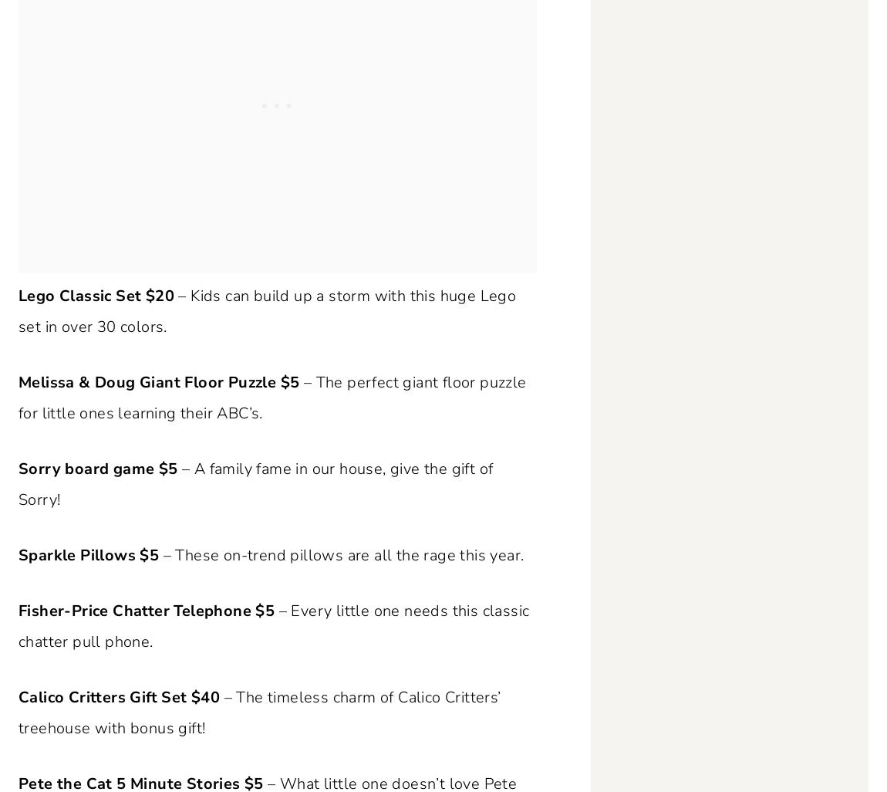 Image resolution: width=887 pixels, height=792 pixels. Describe the element at coordinates (88, 555) in the screenshot. I see `'Sparkle Pillows $5'` at that location.